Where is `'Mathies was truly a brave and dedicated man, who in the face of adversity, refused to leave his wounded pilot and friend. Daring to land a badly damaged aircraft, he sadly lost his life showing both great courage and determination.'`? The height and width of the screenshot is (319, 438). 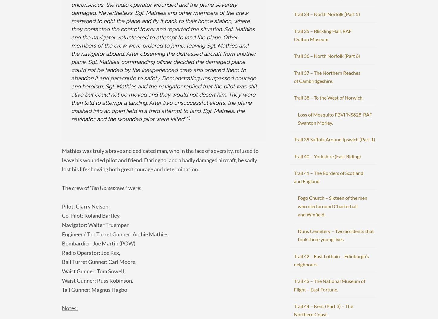
'Mathies was truly a brave and dedicated man, who in the face of adversity, refused to leave his wounded pilot and friend. Daring to land a badly damaged aircraft, he sadly lost his life showing both great courage and determination.' is located at coordinates (62, 160).